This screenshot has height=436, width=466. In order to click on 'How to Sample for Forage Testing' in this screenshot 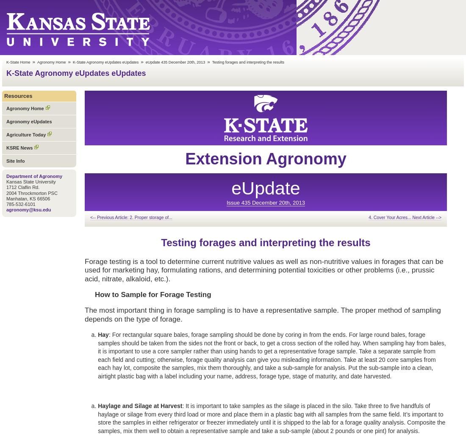, I will do `click(153, 294)`.